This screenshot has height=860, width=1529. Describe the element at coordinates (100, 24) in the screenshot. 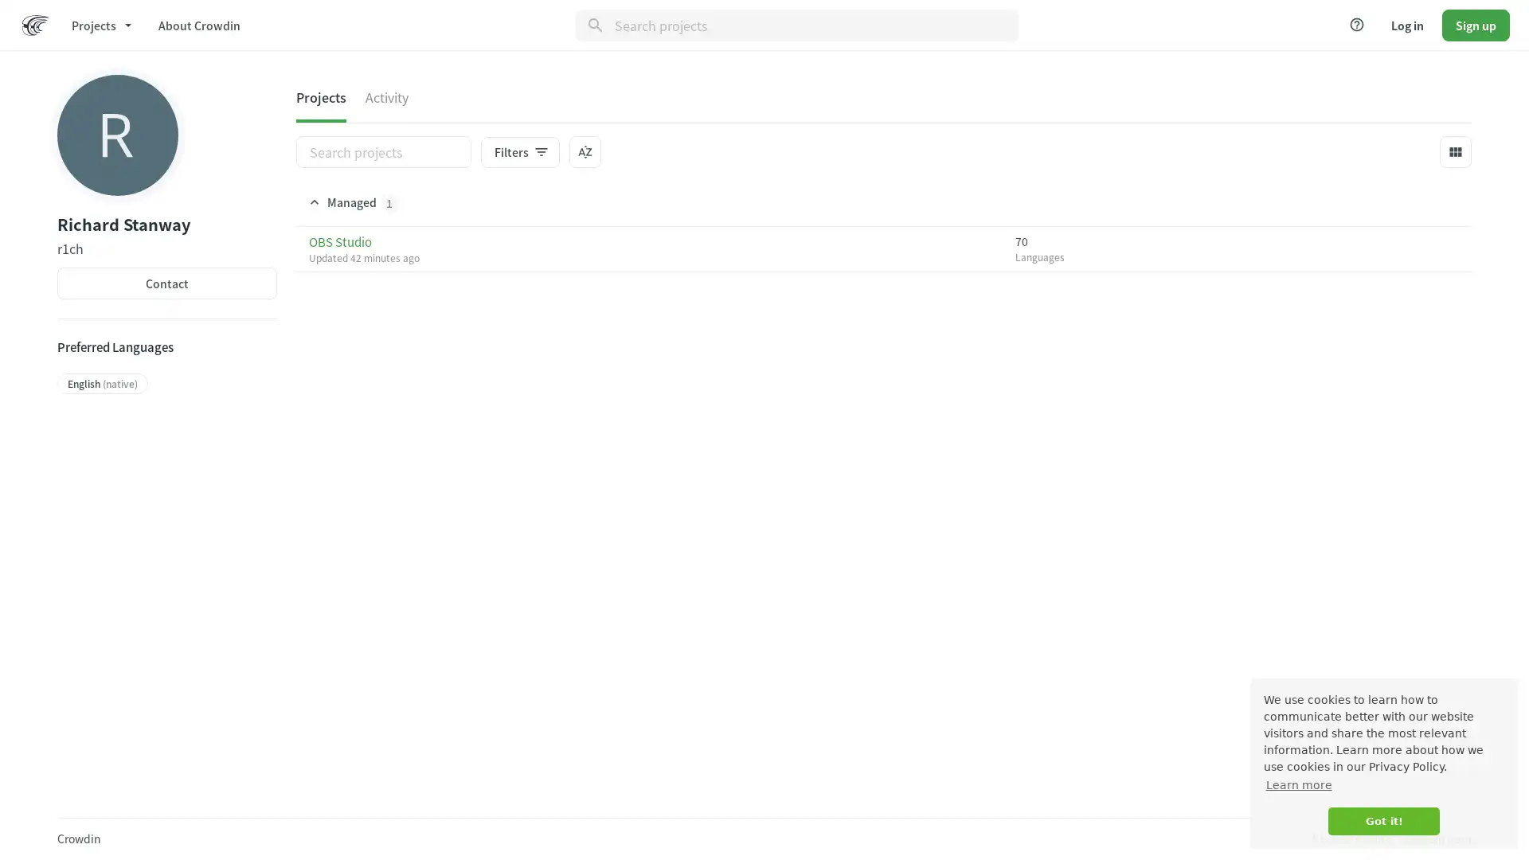

I see `Projects` at that location.